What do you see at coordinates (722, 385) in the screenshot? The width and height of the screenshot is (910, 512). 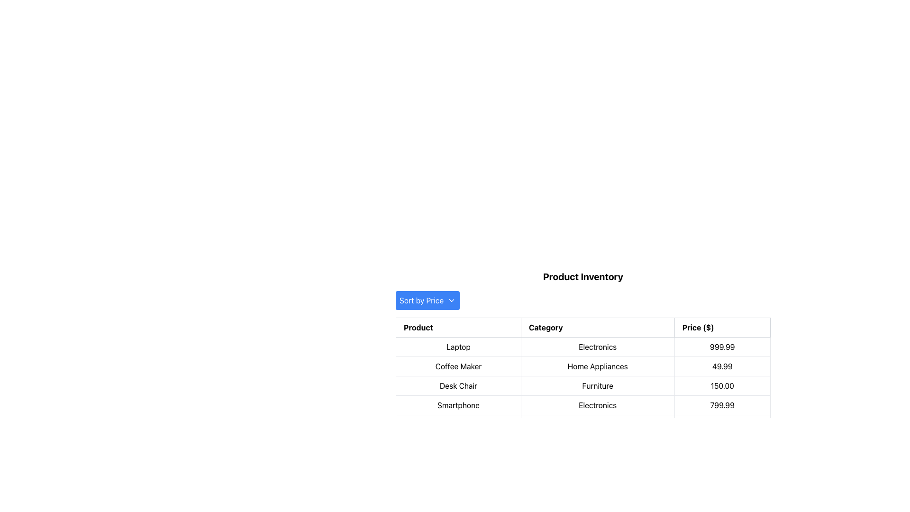 I see `the table cell displaying the price of 'Desk Chair' located in the third row under the 'Price ($)' column` at bounding box center [722, 385].